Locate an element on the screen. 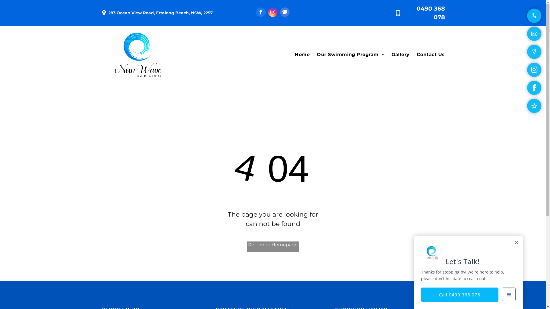  'New Wave Swim Centre' is located at coordinates (138, 55).